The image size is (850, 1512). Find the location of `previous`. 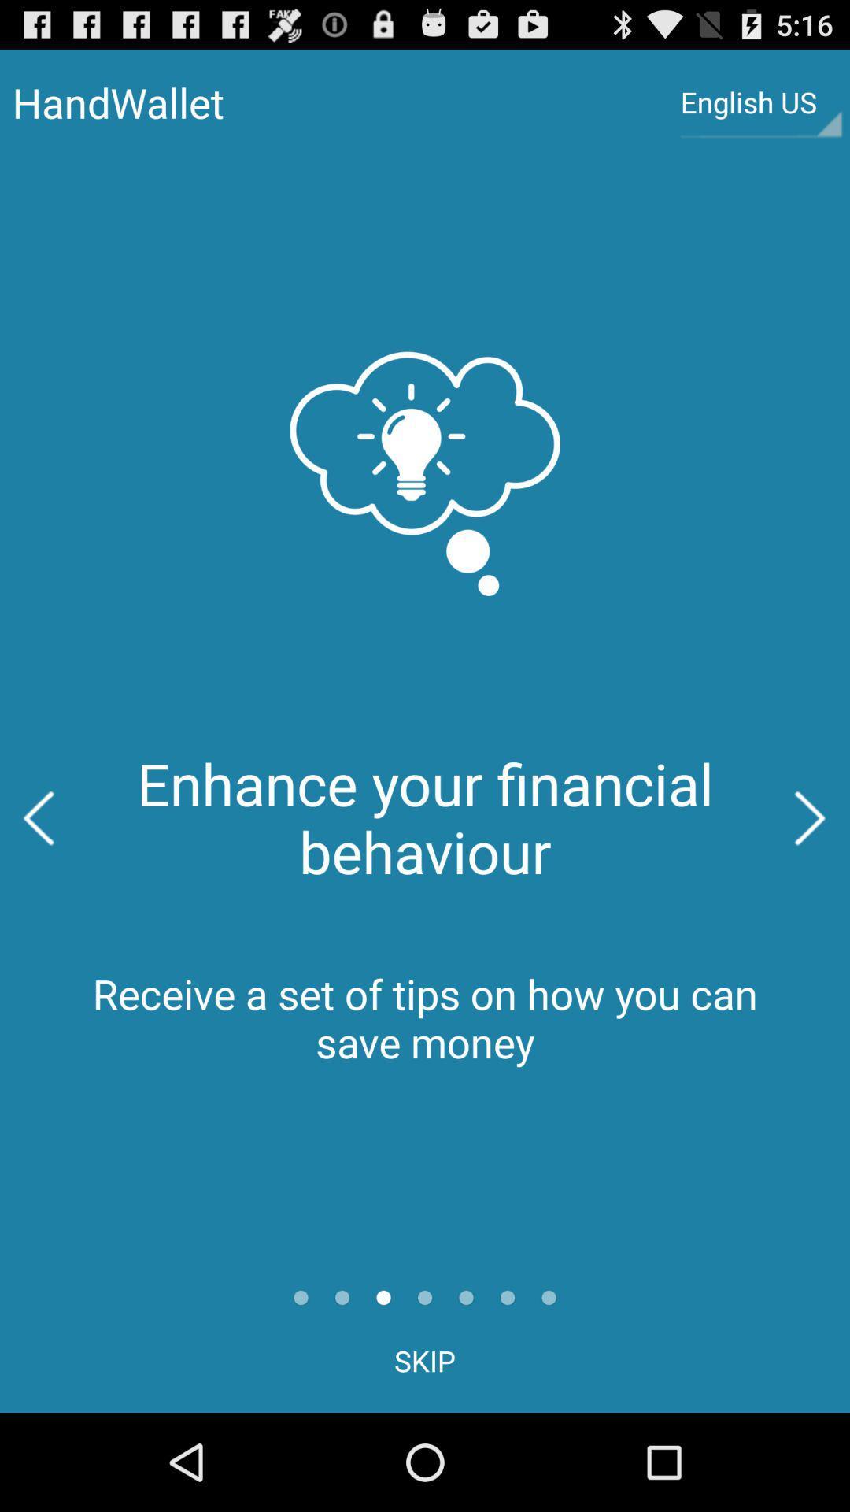

previous is located at coordinates (38, 818).